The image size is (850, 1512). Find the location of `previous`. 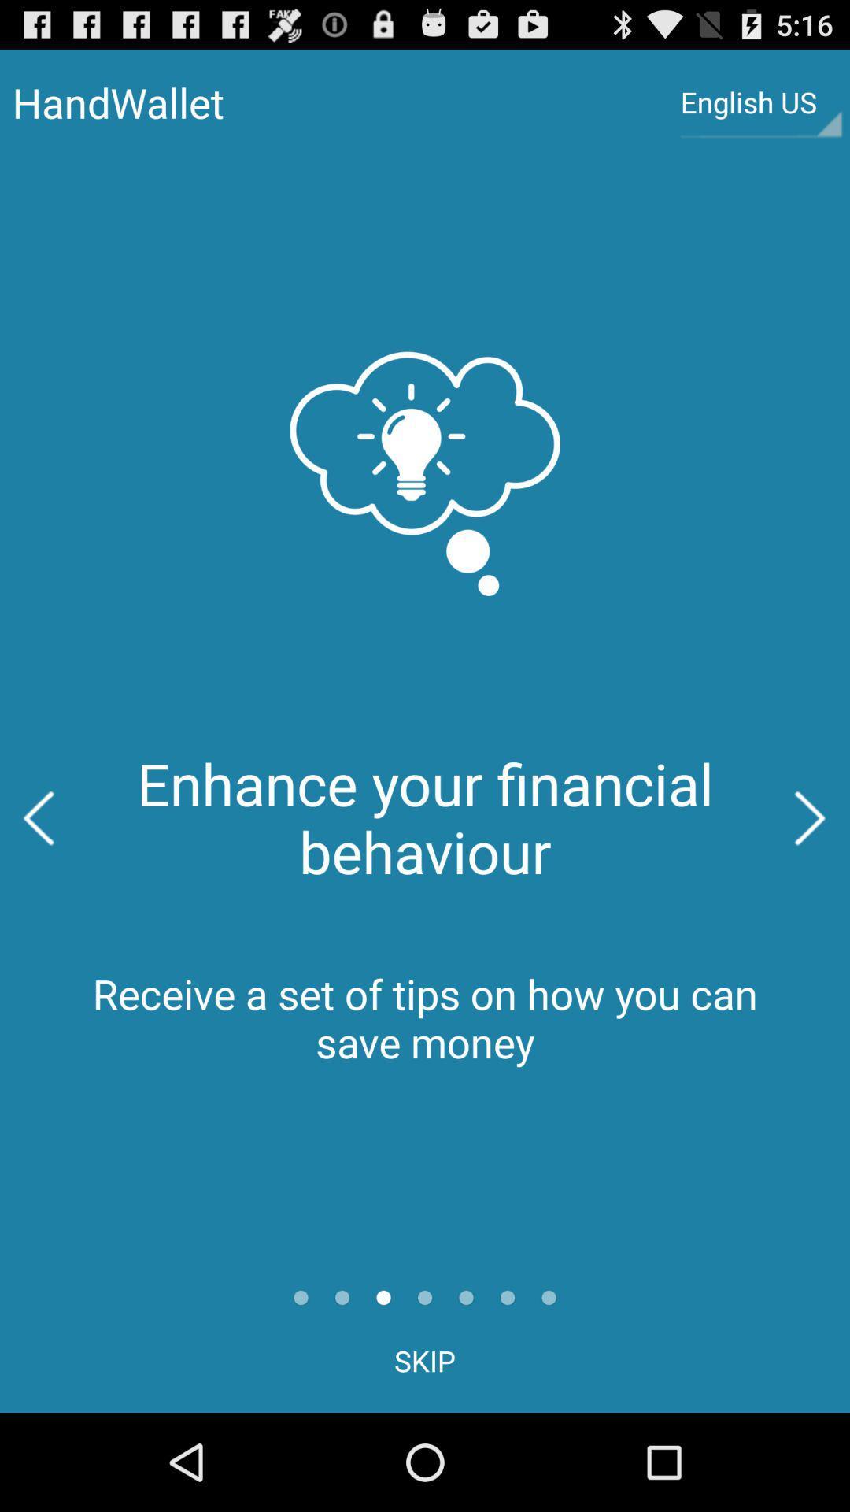

previous is located at coordinates (38, 818).